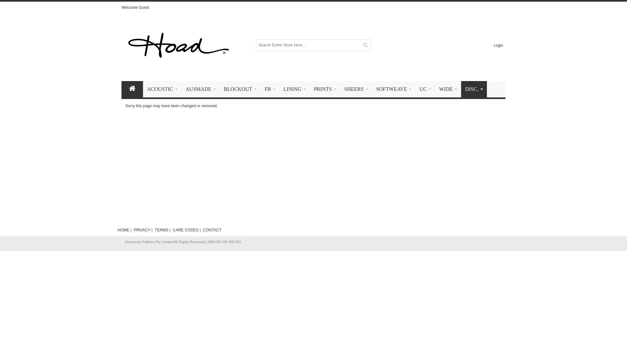  Describe the element at coordinates (212, 230) in the screenshot. I see `'CONTACT'` at that location.